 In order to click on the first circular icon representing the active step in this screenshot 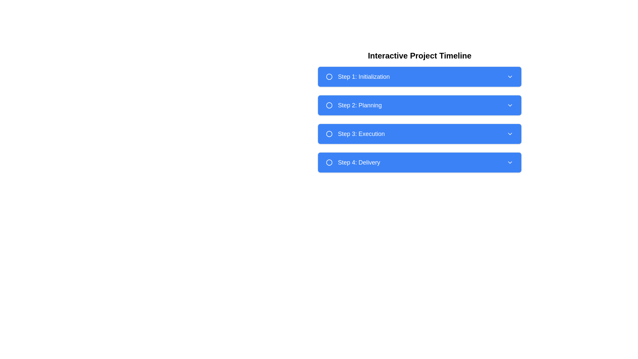, I will do `click(329, 76)`.